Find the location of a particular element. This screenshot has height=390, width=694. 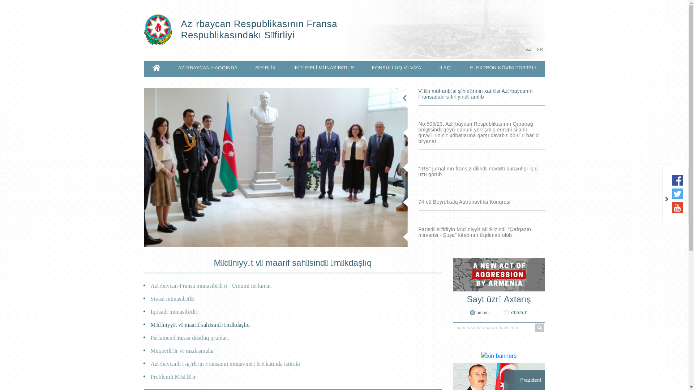

'FR' is located at coordinates (540, 49).